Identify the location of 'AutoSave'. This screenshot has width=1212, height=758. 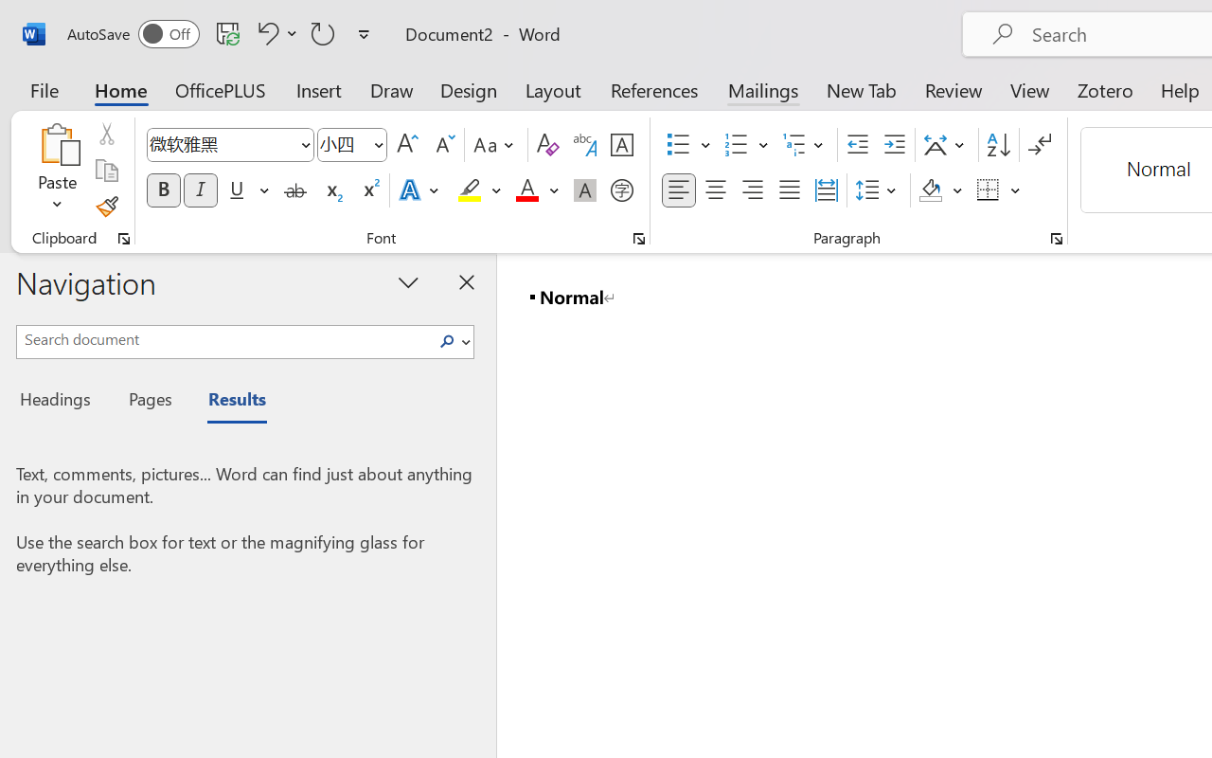
(132, 33).